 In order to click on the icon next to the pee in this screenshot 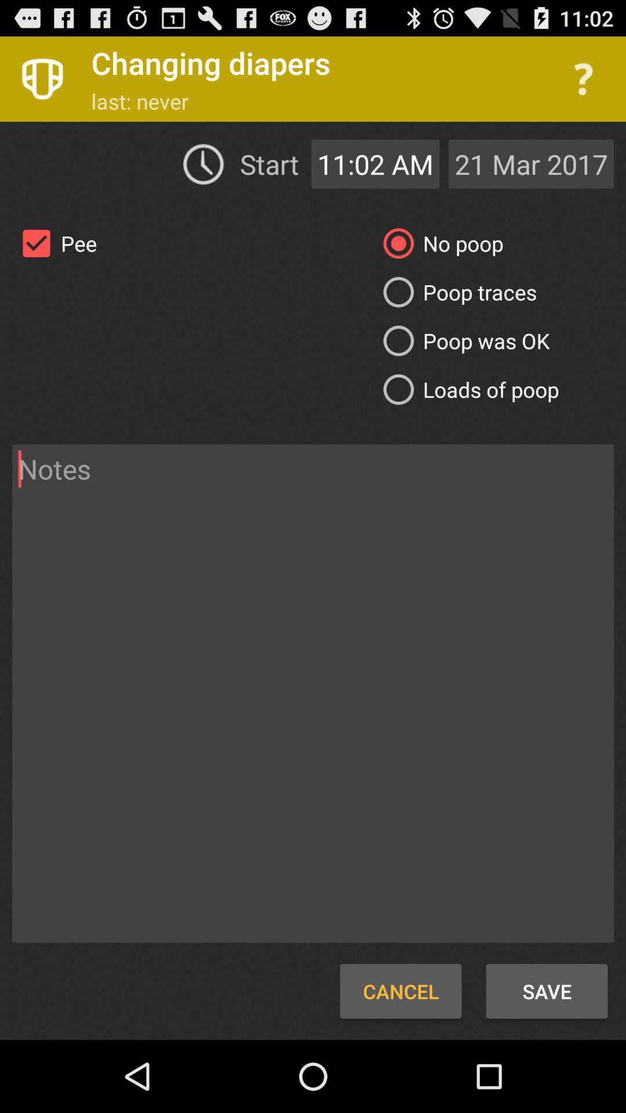, I will do `click(439, 243)`.